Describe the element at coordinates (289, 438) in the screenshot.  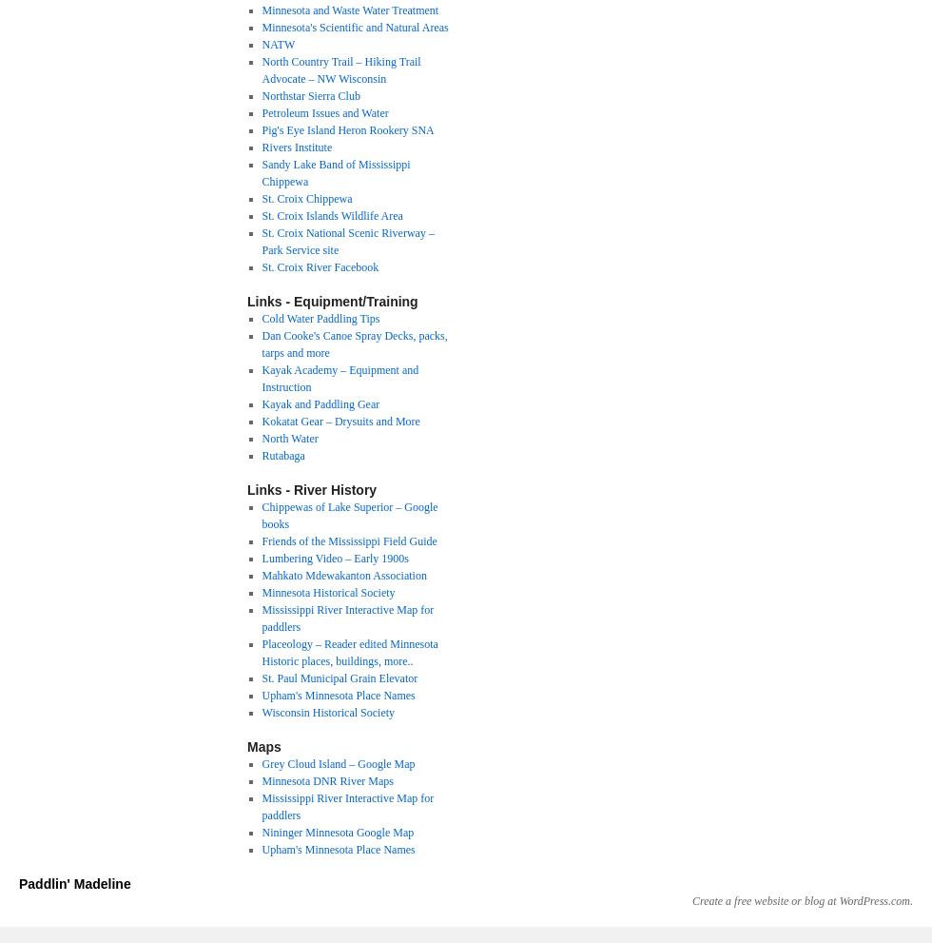
I see `'North Water'` at that location.